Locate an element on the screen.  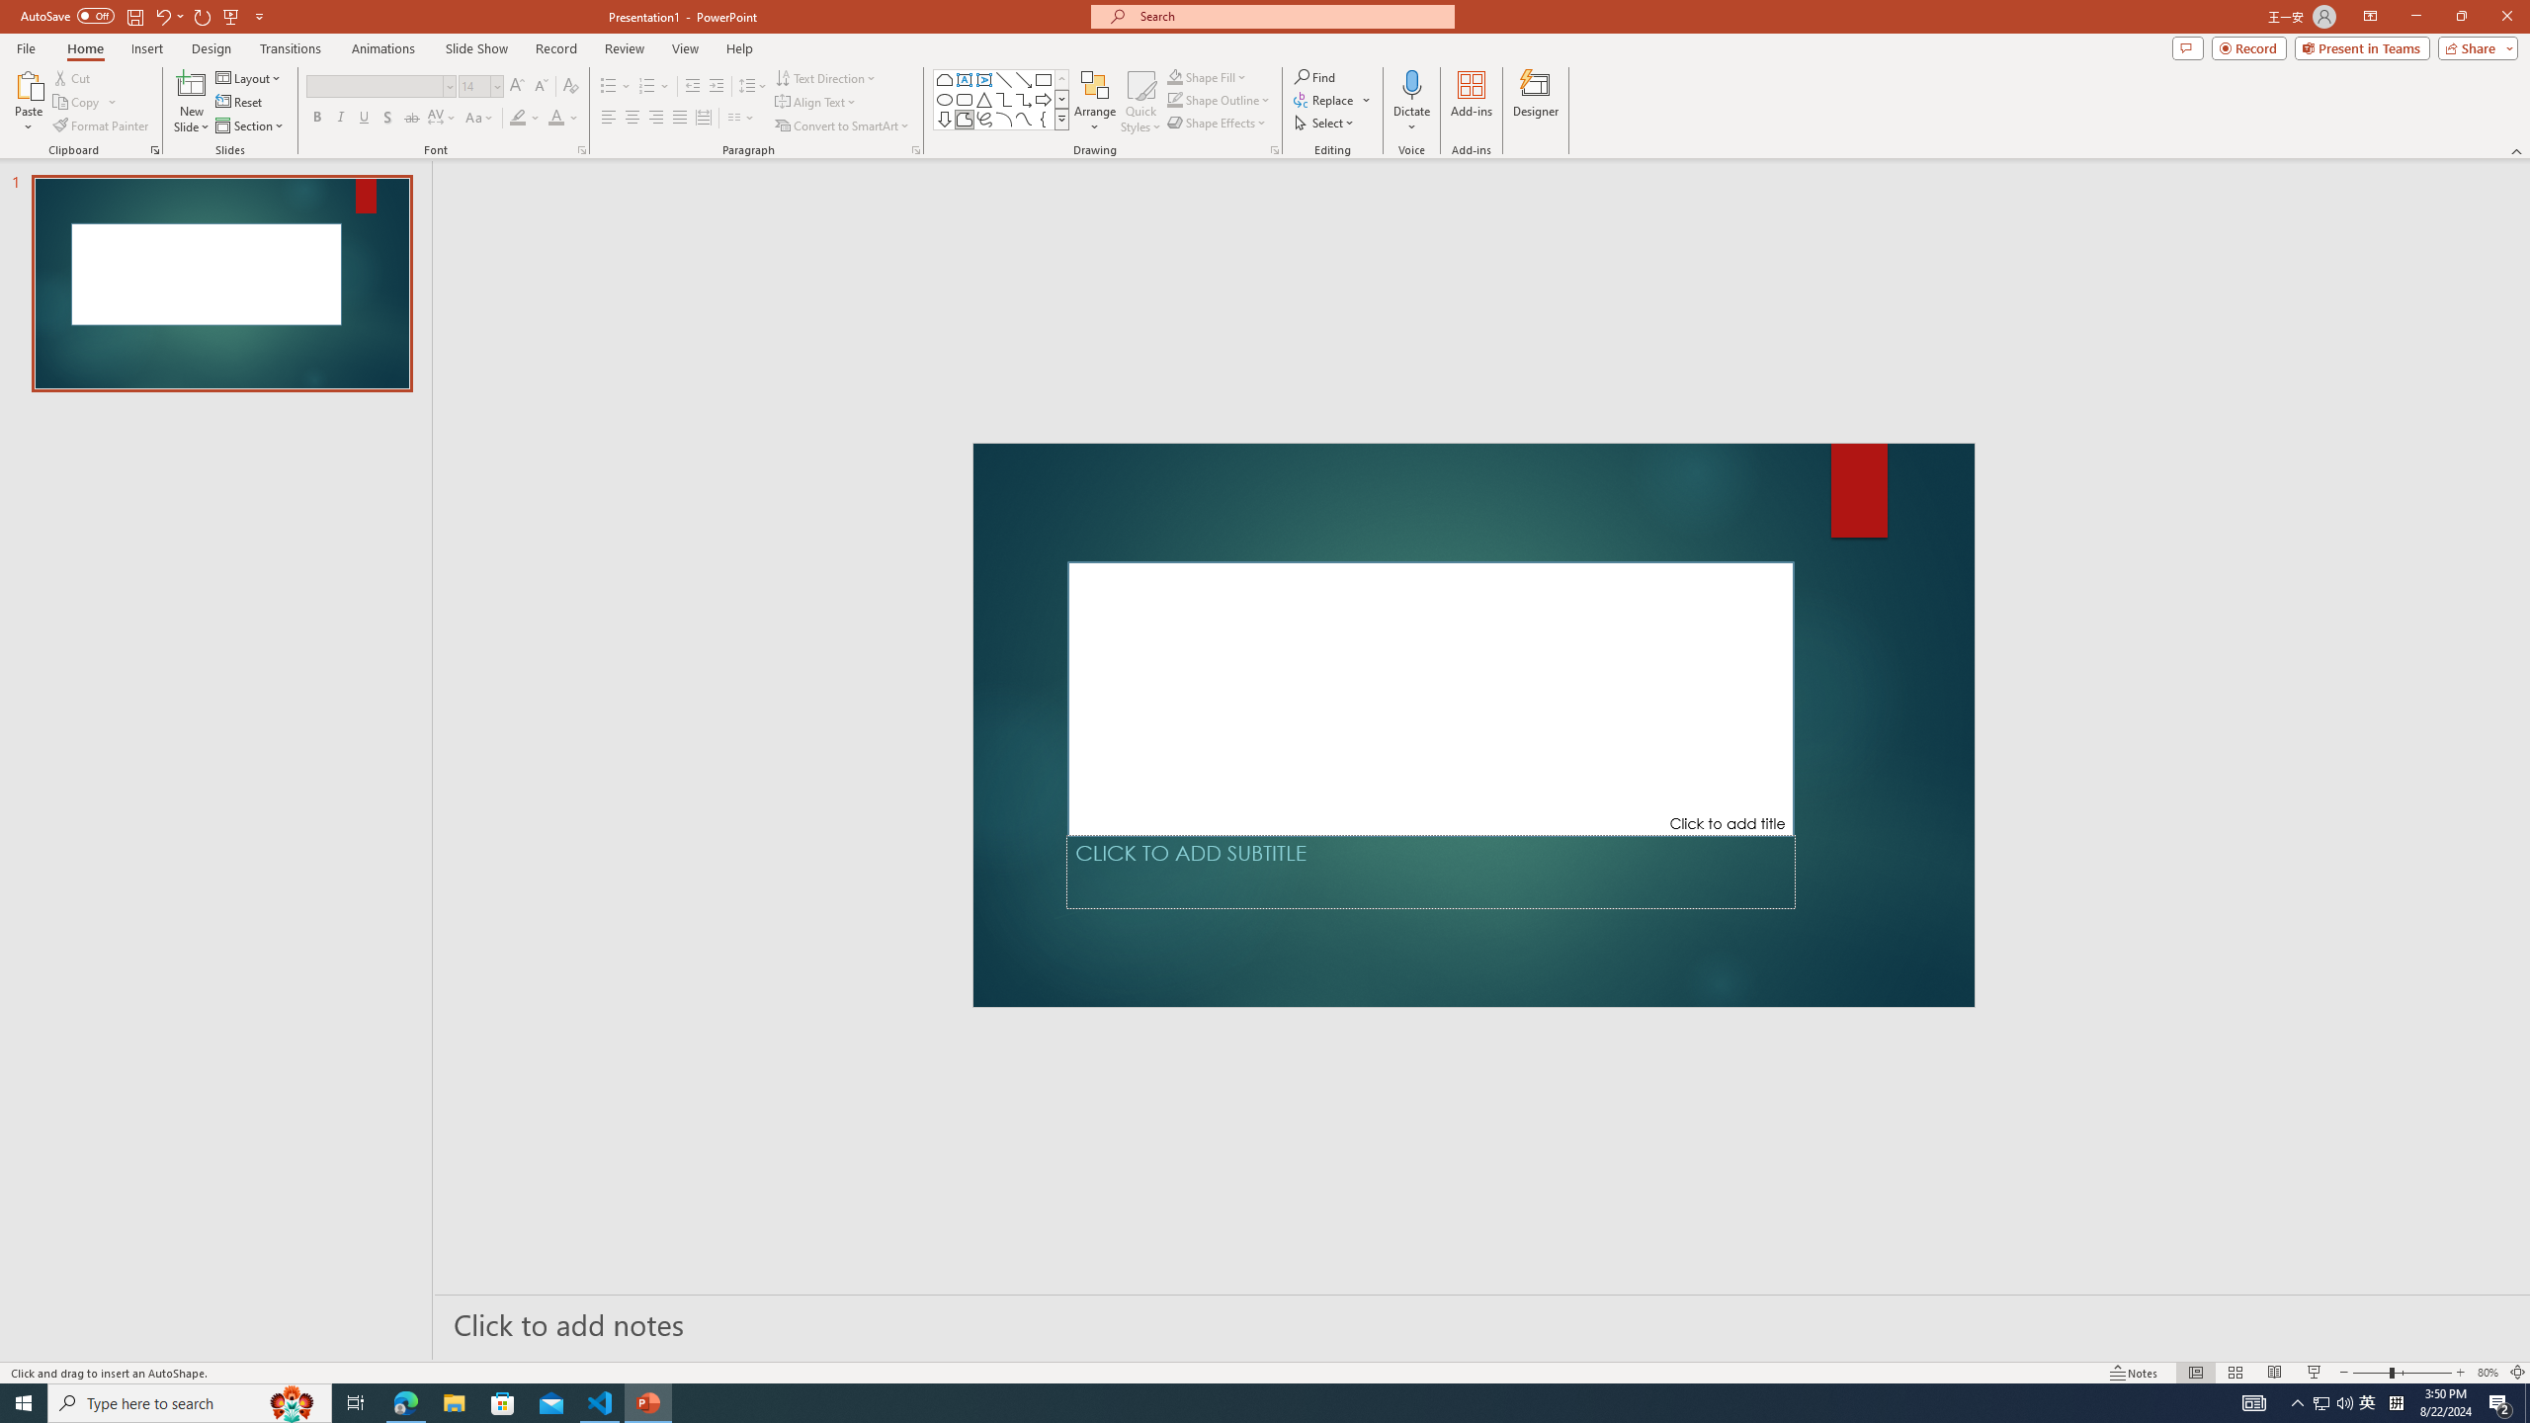
'Convert to SmartArt' is located at coordinates (842, 126).